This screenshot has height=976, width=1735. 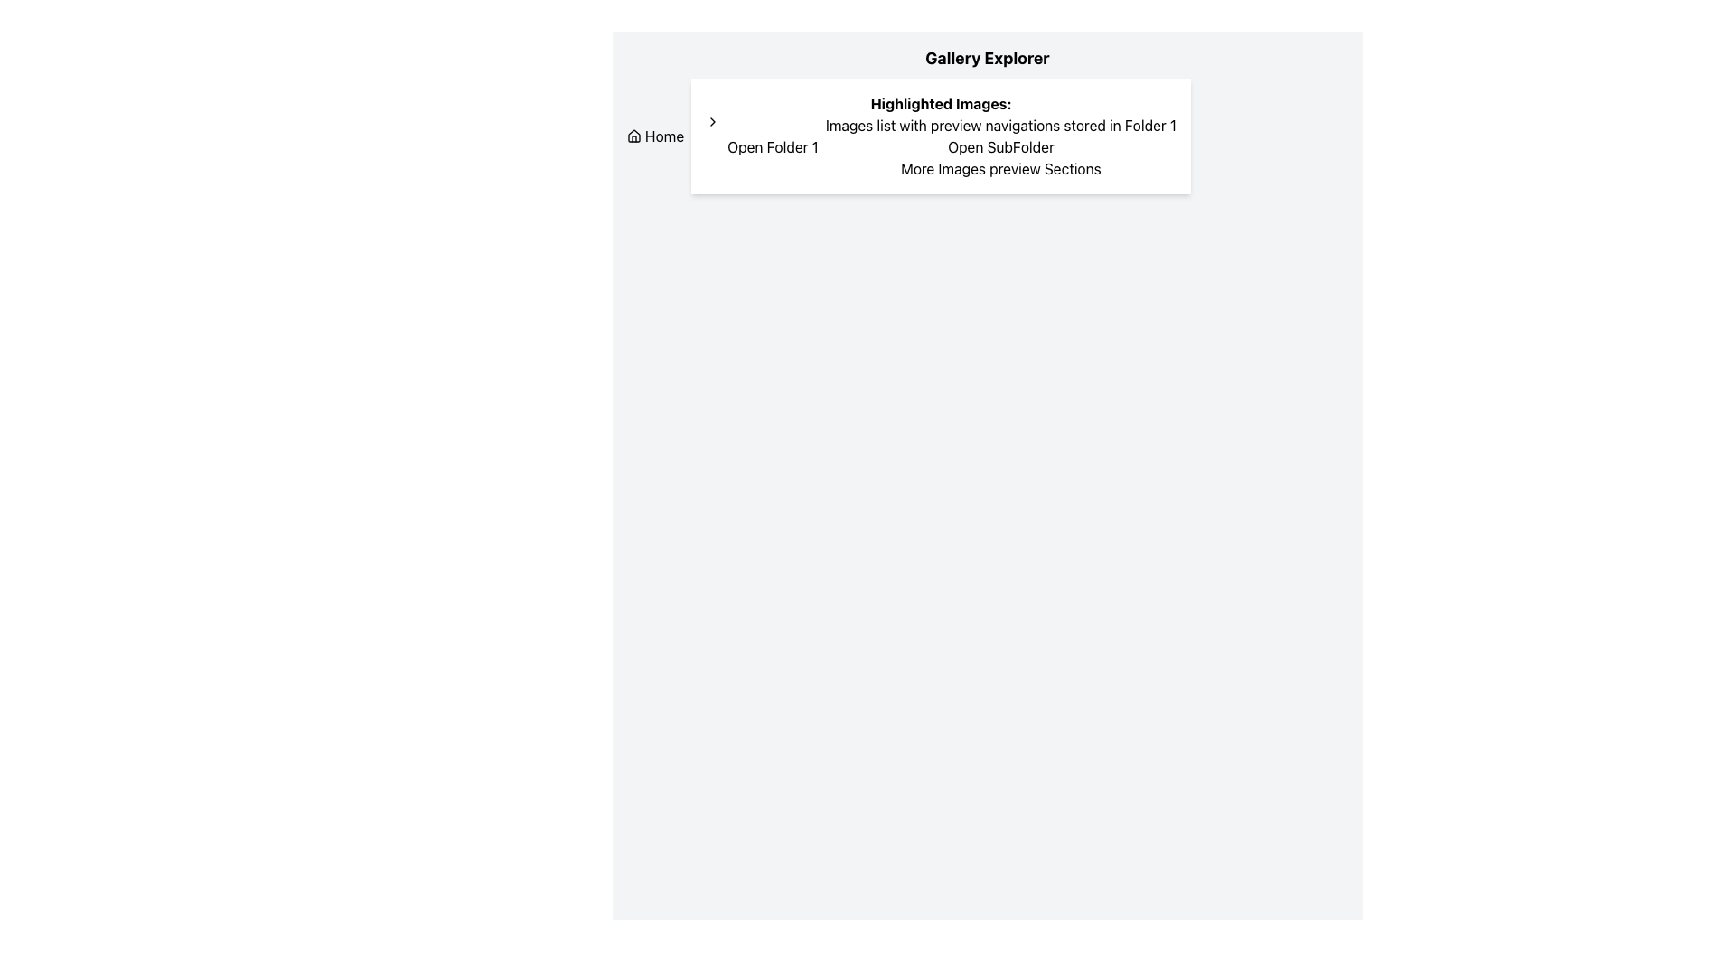 What do you see at coordinates (773, 145) in the screenshot?
I see `the 'Open Folder 1' button to trigger tooltip or visual feedback` at bounding box center [773, 145].